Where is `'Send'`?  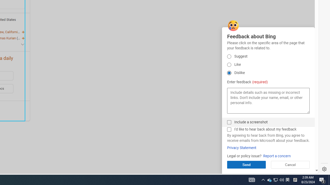 'Send' is located at coordinates (246, 164).